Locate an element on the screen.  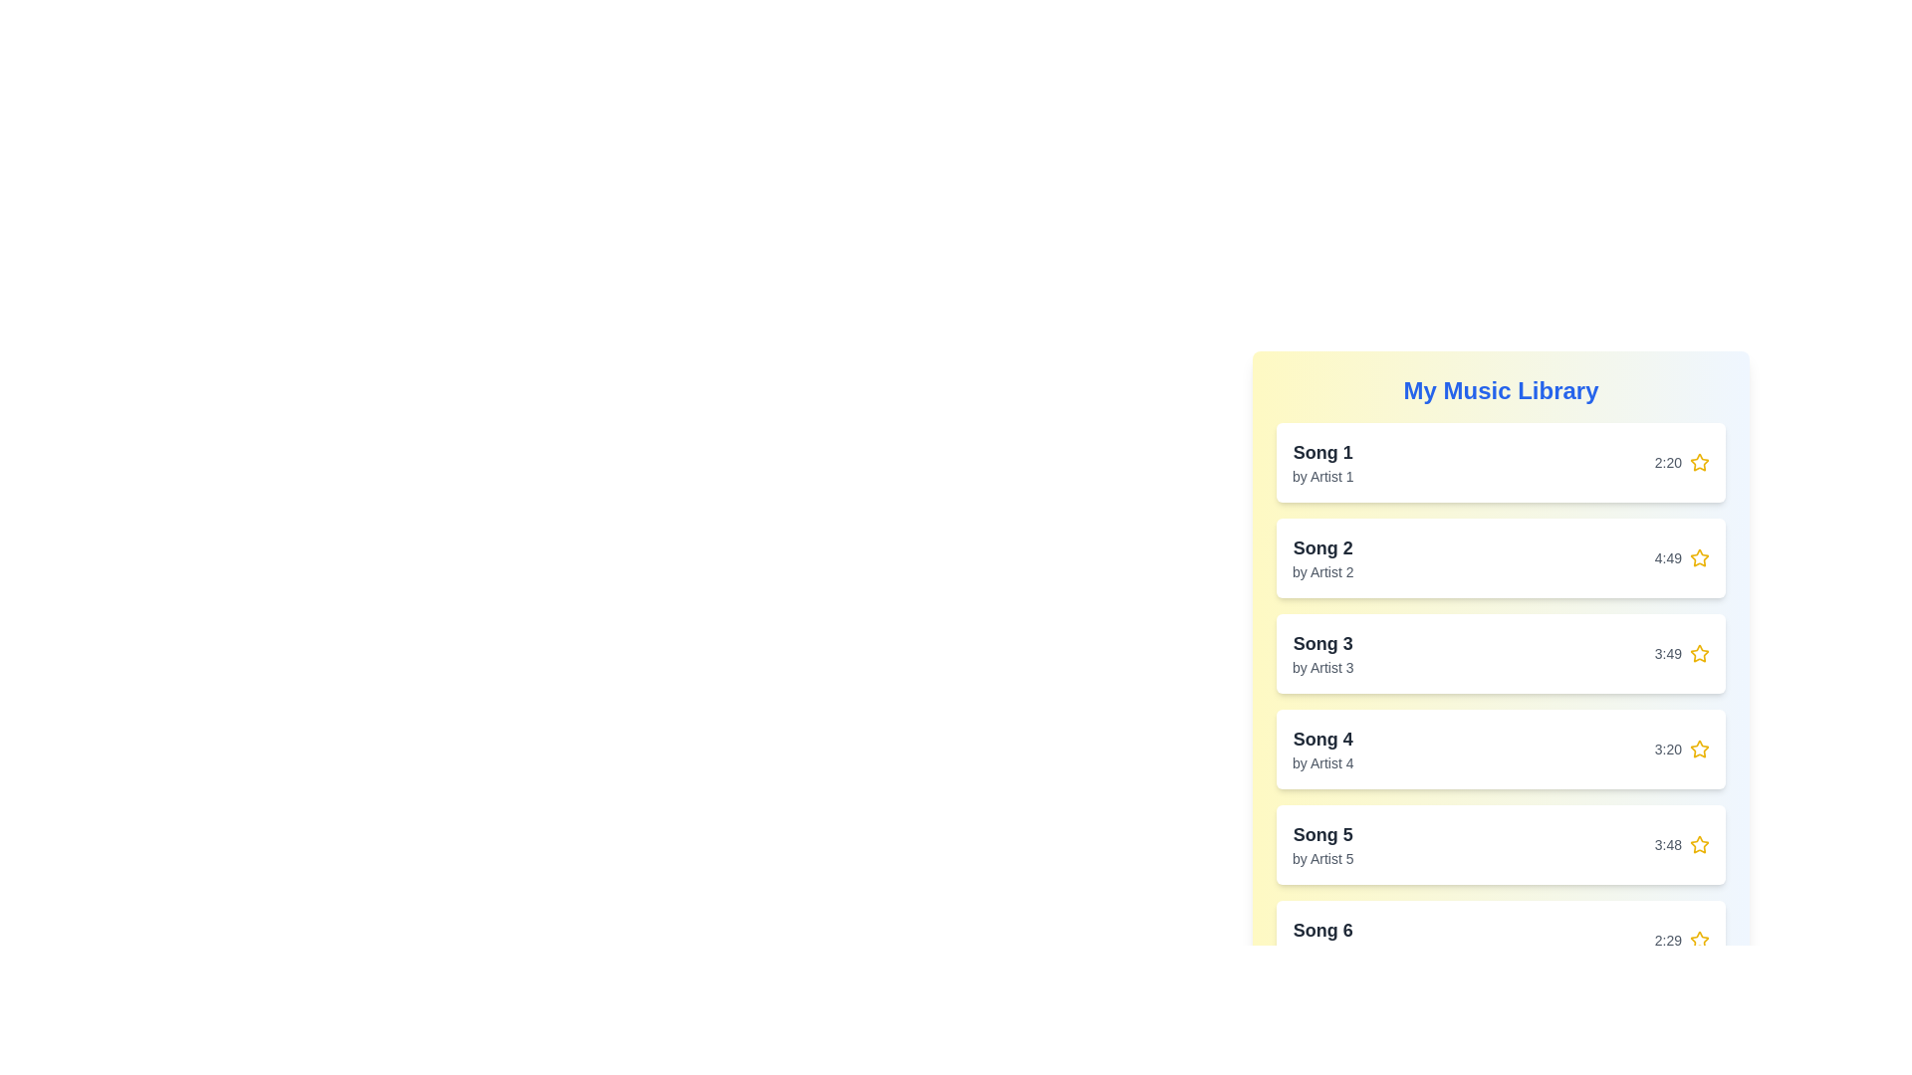
the star-shaped icon that serves as a rating or favoriting indicator is located at coordinates (1699, 653).